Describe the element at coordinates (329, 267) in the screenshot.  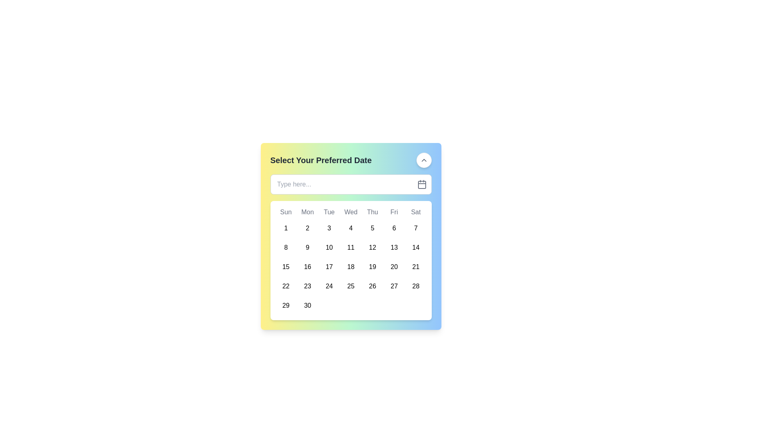
I see `the circular button displaying the number '17'` at that location.